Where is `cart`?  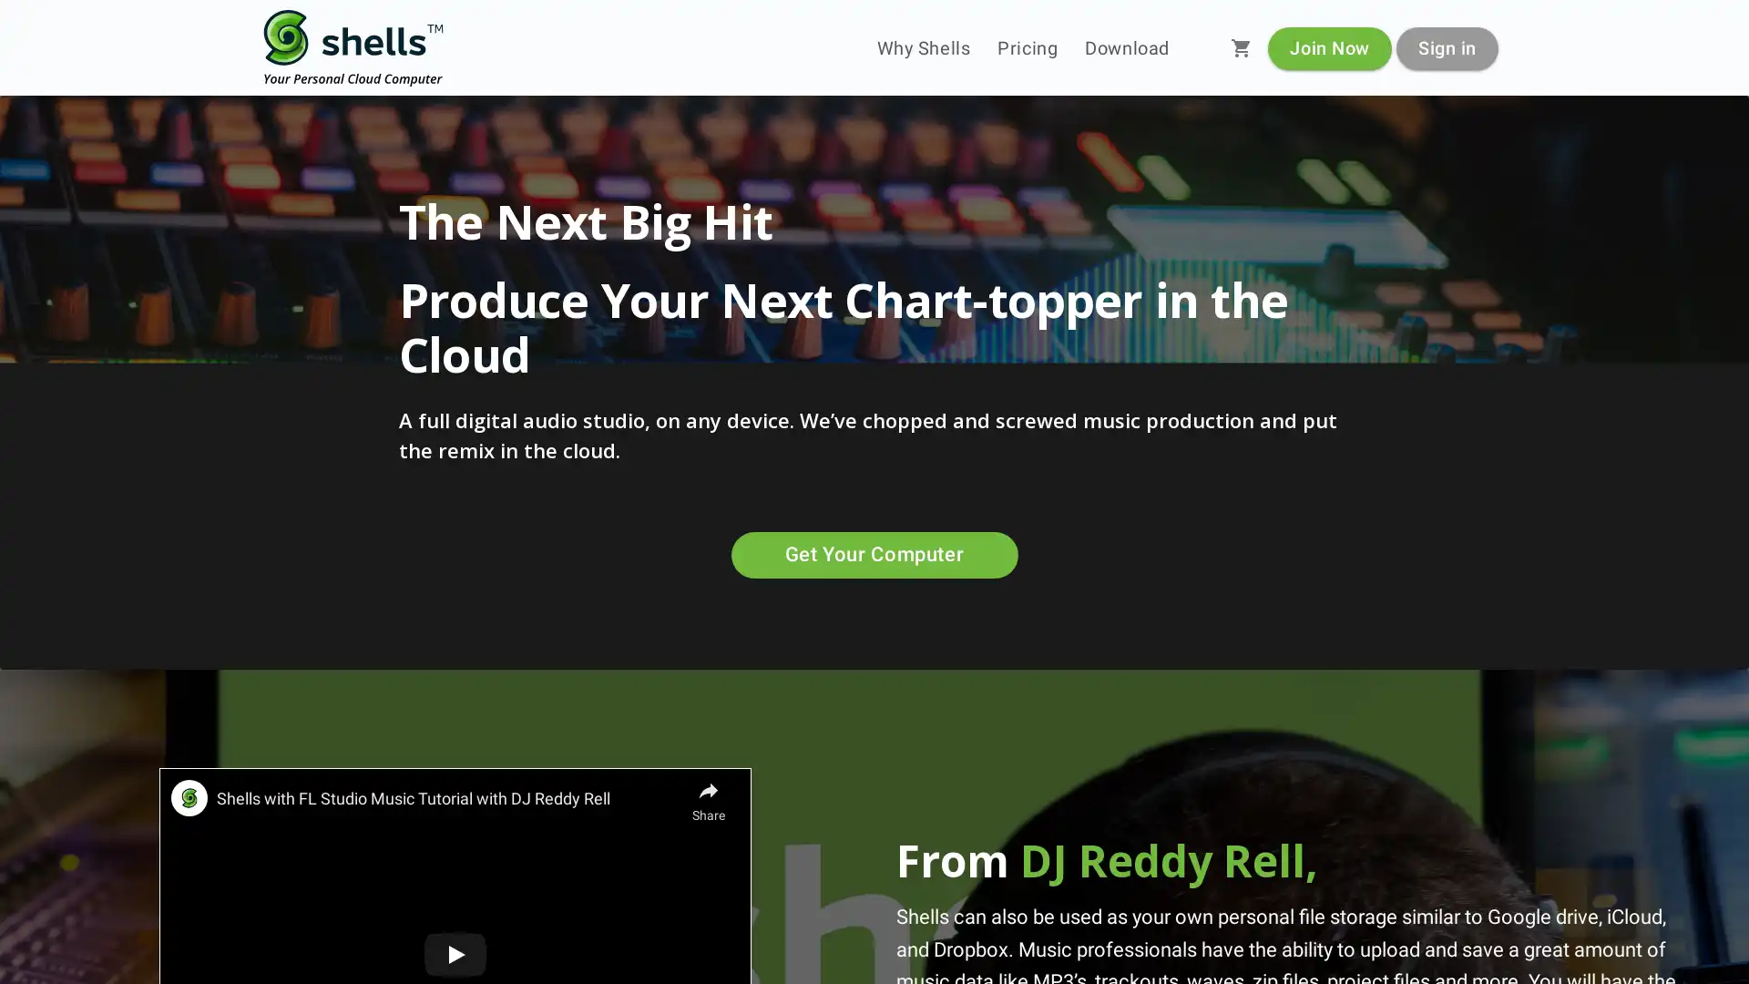 cart is located at coordinates (1241, 47).